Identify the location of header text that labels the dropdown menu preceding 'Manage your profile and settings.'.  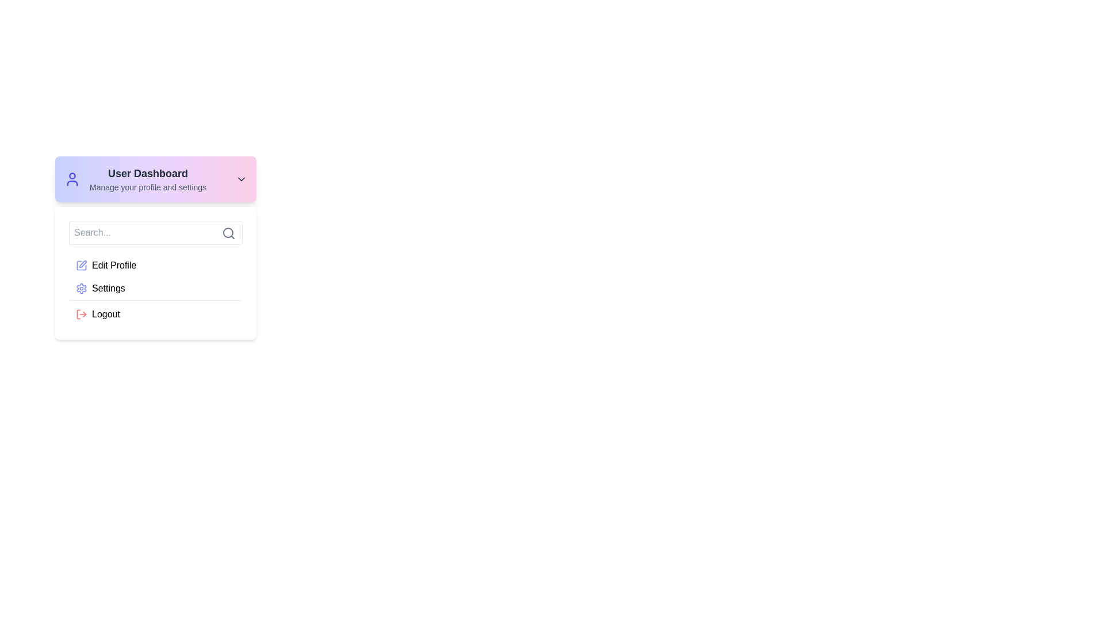
(147, 173).